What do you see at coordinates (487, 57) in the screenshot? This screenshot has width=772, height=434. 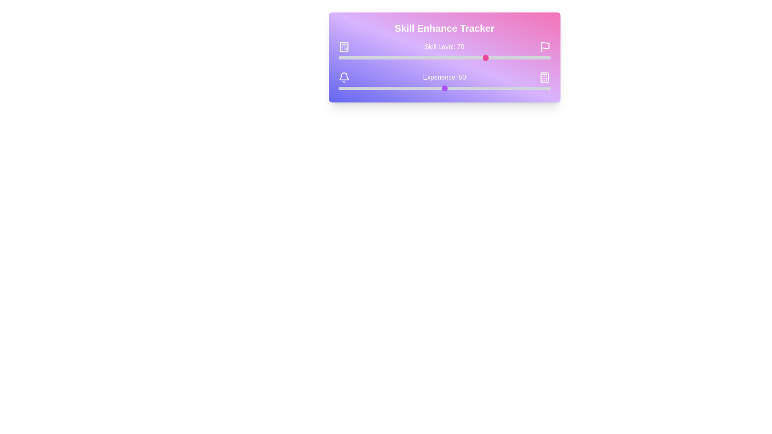 I see `the skill level slider to 70, where 70 is a value between 0 and 100` at bounding box center [487, 57].